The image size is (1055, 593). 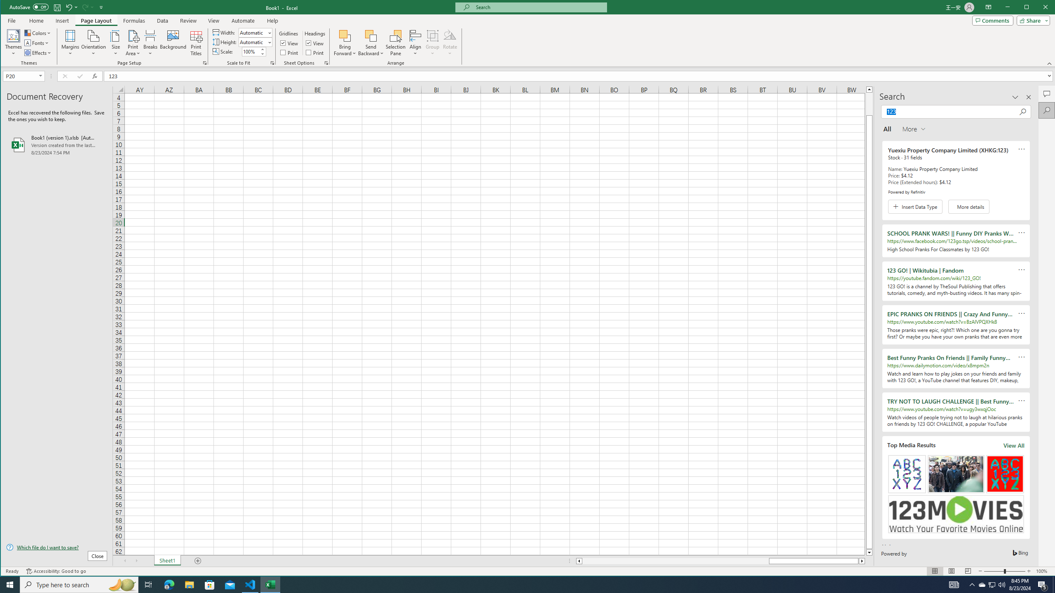 What do you see at coordinates (432, 42) in the screenshot?
I see `'Group'` at bounding box center [432, 42].